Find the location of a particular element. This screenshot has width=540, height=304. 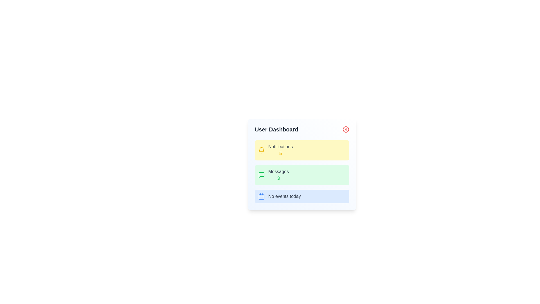

text displayed in the header labeled 'User Dashboard', which is prominently styled in bold and extra-large dark gray font, located in the upper-left area of its containing card-like structure is located at coordinates (276, 129).